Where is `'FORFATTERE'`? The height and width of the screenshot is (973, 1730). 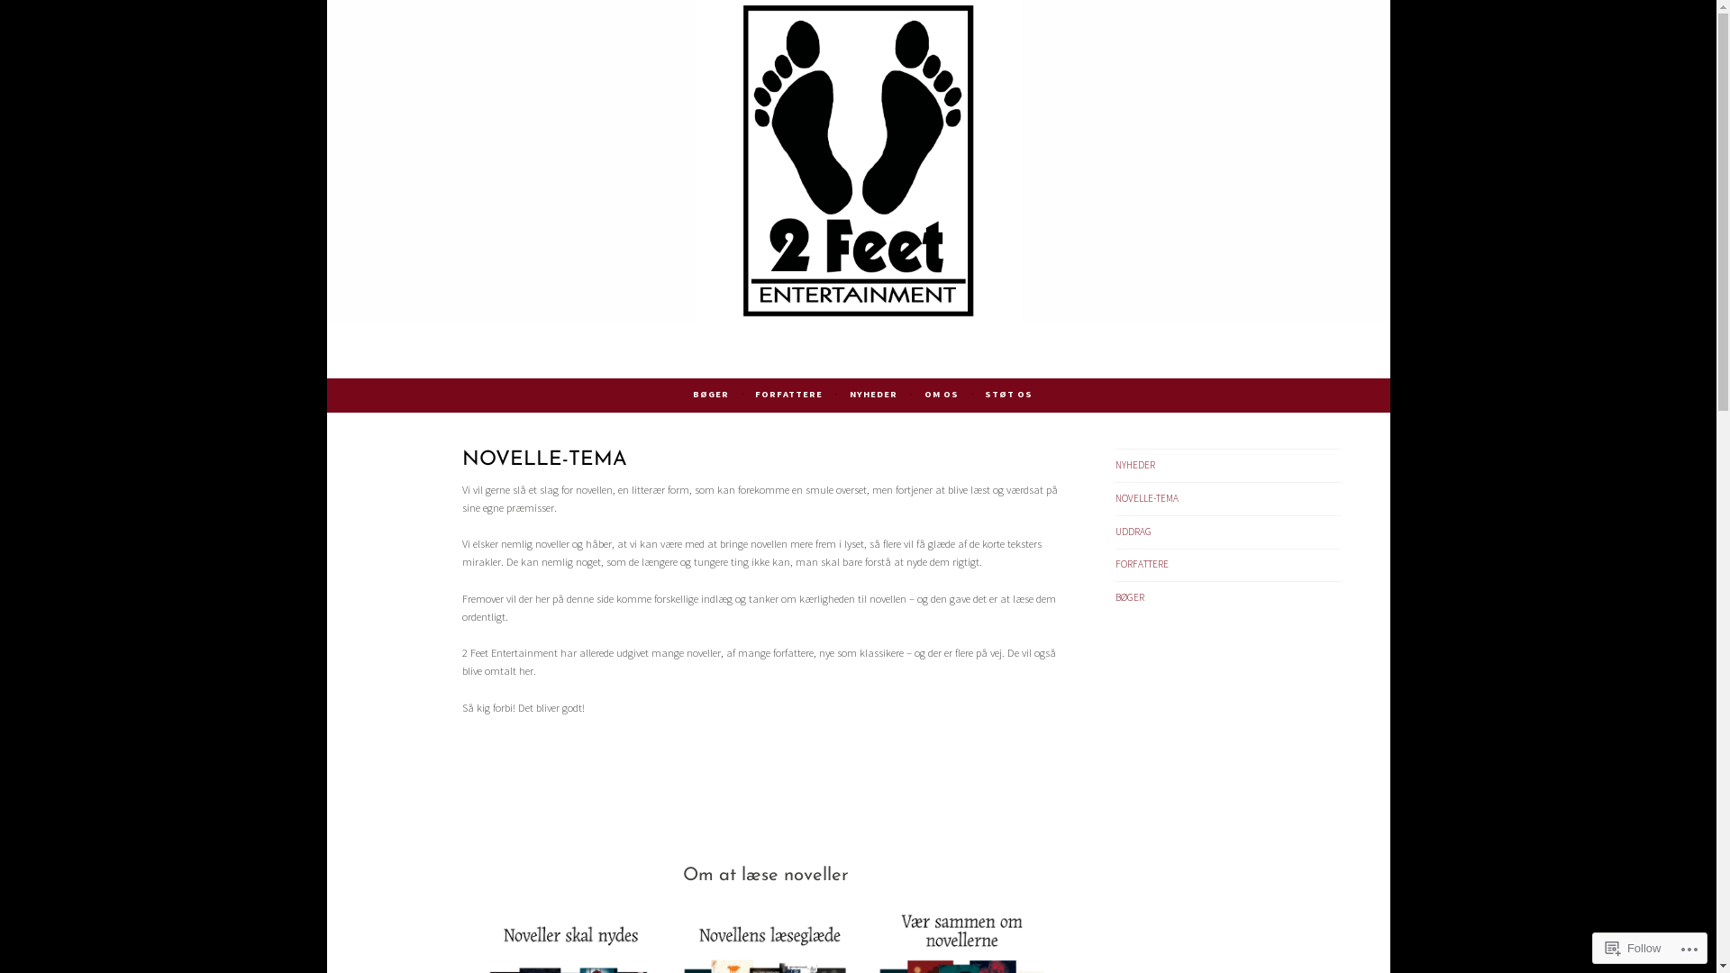 'FORFATTERE' is located at coordinates (788, 394).